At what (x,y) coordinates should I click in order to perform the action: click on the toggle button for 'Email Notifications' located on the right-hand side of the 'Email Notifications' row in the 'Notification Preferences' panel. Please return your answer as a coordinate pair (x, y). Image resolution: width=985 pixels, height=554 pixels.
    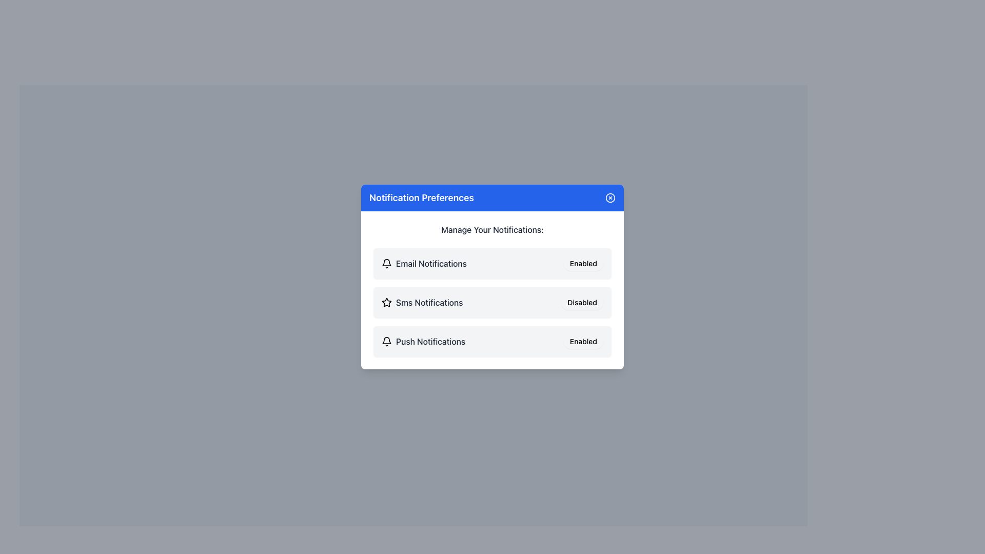
    Looking at the image, I should click on (583, 263).